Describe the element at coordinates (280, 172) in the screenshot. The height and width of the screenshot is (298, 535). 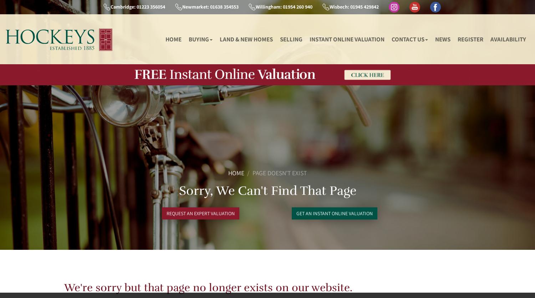
I see `'PAGE DOESN'T EXIST'` at that location.